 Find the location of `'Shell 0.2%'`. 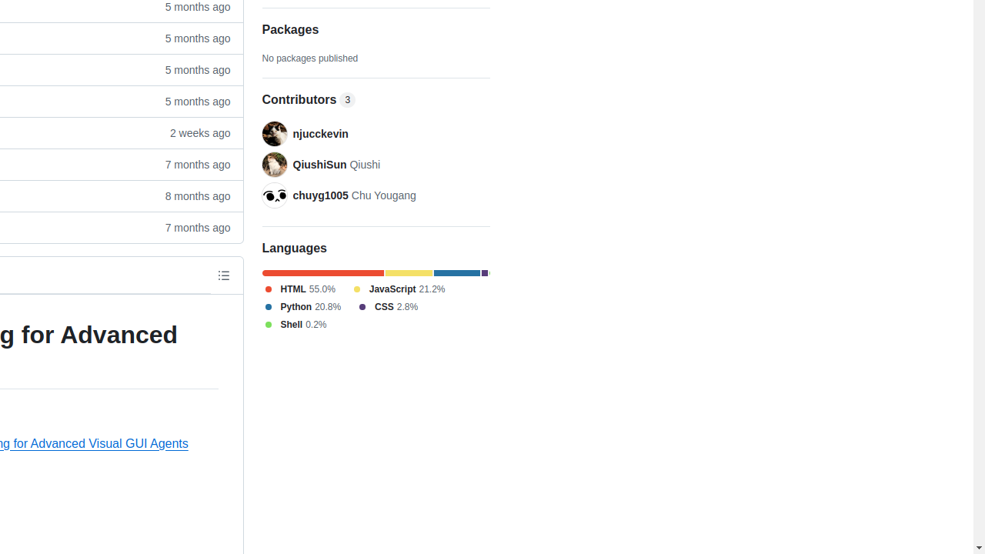

'Shell 0.2%' is located at coordinates (294, 323).